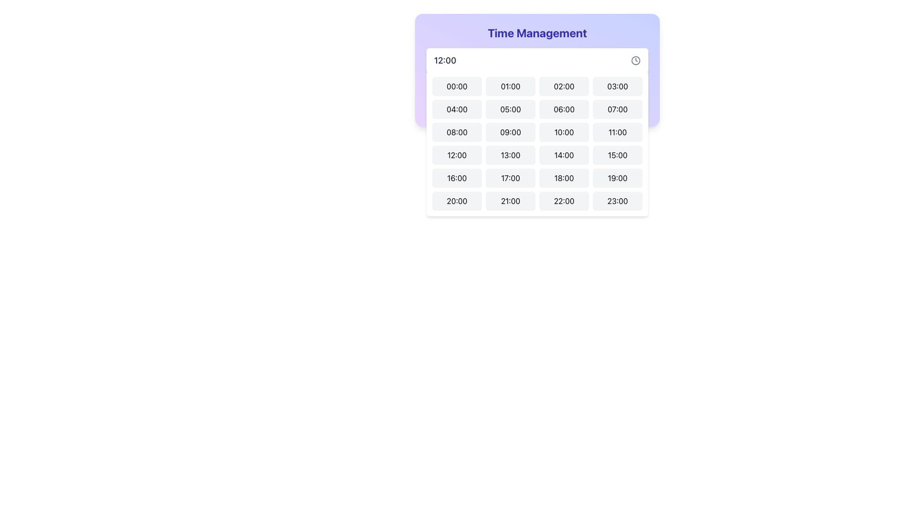 This screenshot has width=918, height=516. What do you see at coordinates (564, 108) in the screenshot?
I see `the rectangular button labeled '06:00' in the 'Time Management' drop-down panel` at bounding box center [564, 108].